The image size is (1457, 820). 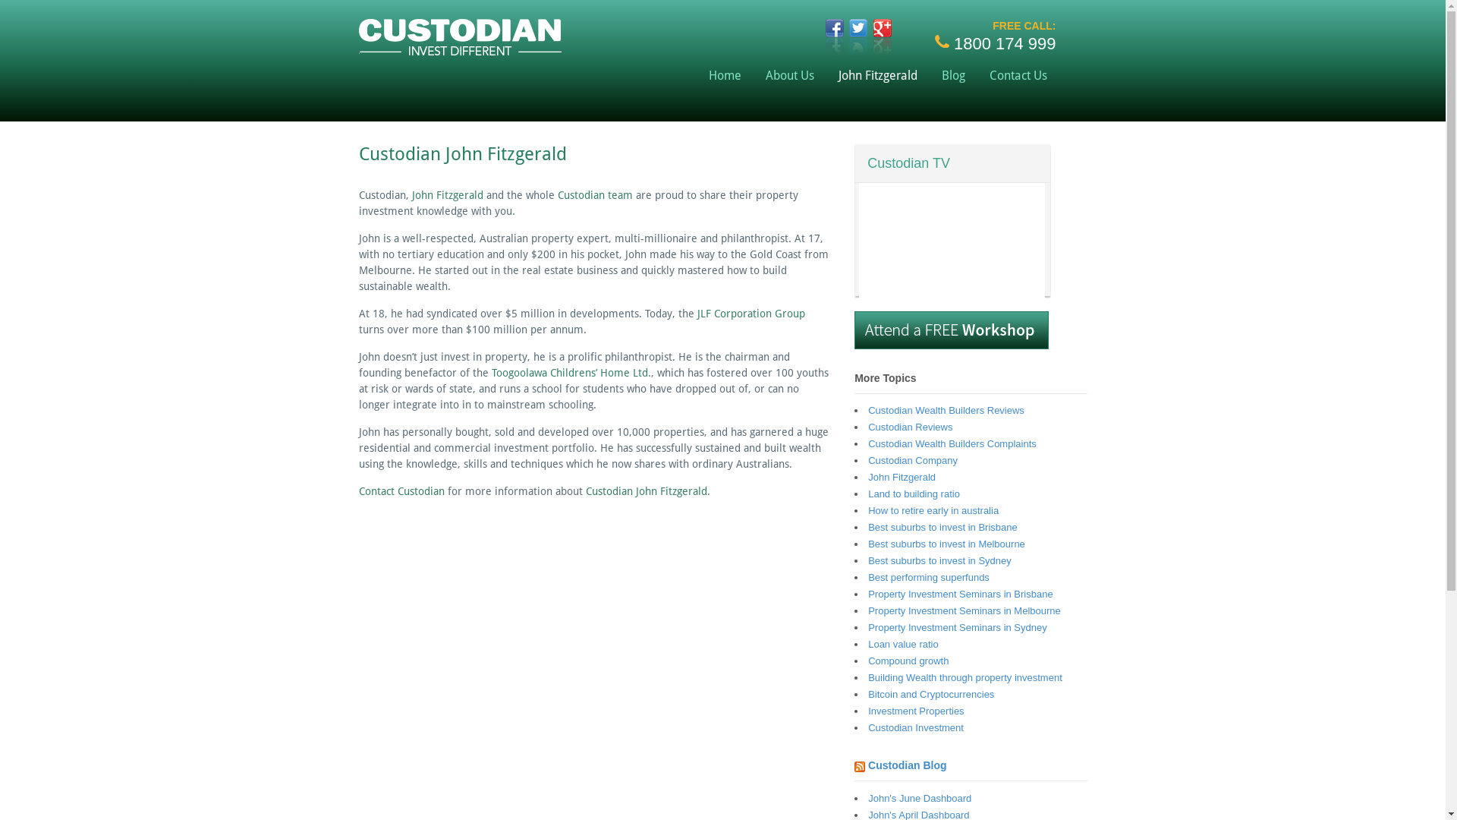 I want to click on 'Bitcoin and Cryptocurrencies', so click(x=867, y=694).